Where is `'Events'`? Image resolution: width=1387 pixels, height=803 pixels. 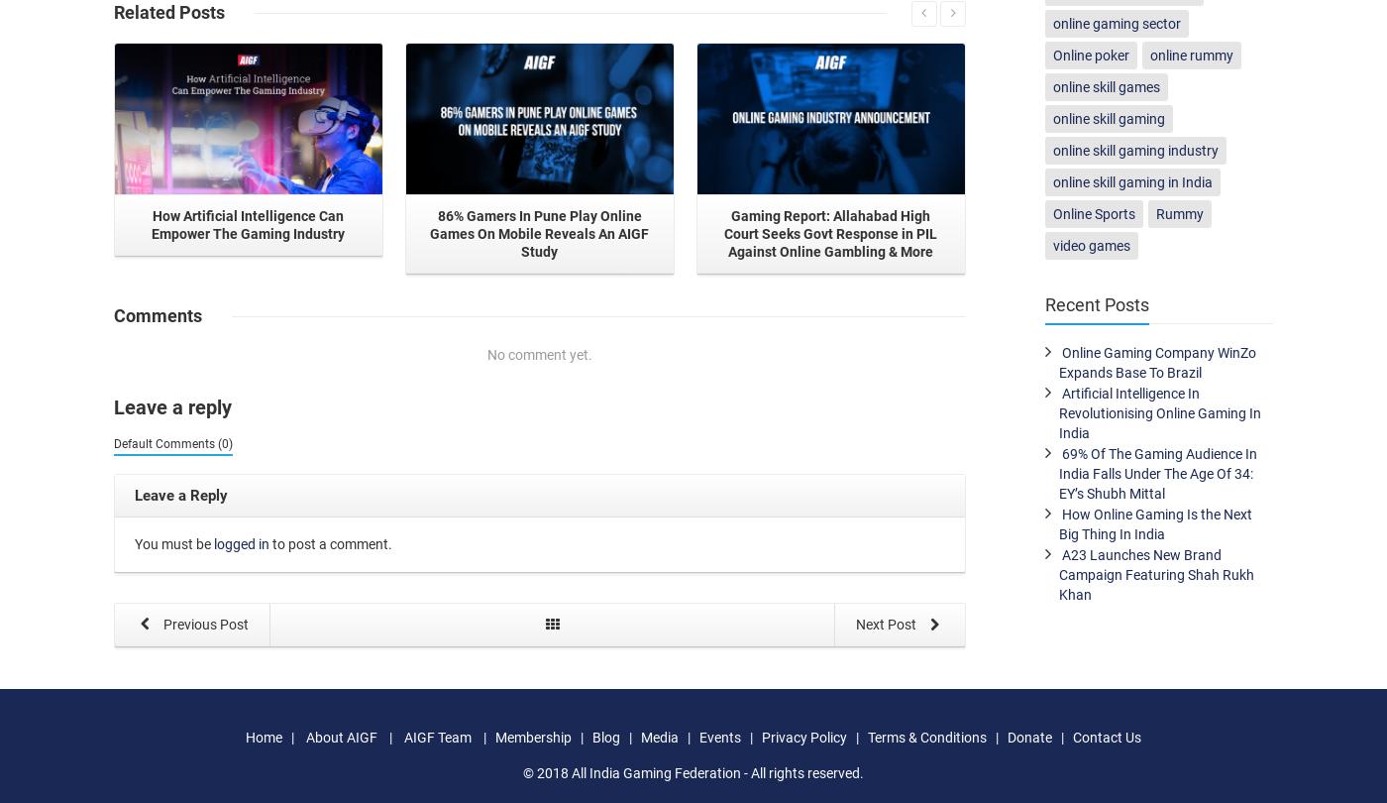 'Events' is located at coordinates (719, 736).